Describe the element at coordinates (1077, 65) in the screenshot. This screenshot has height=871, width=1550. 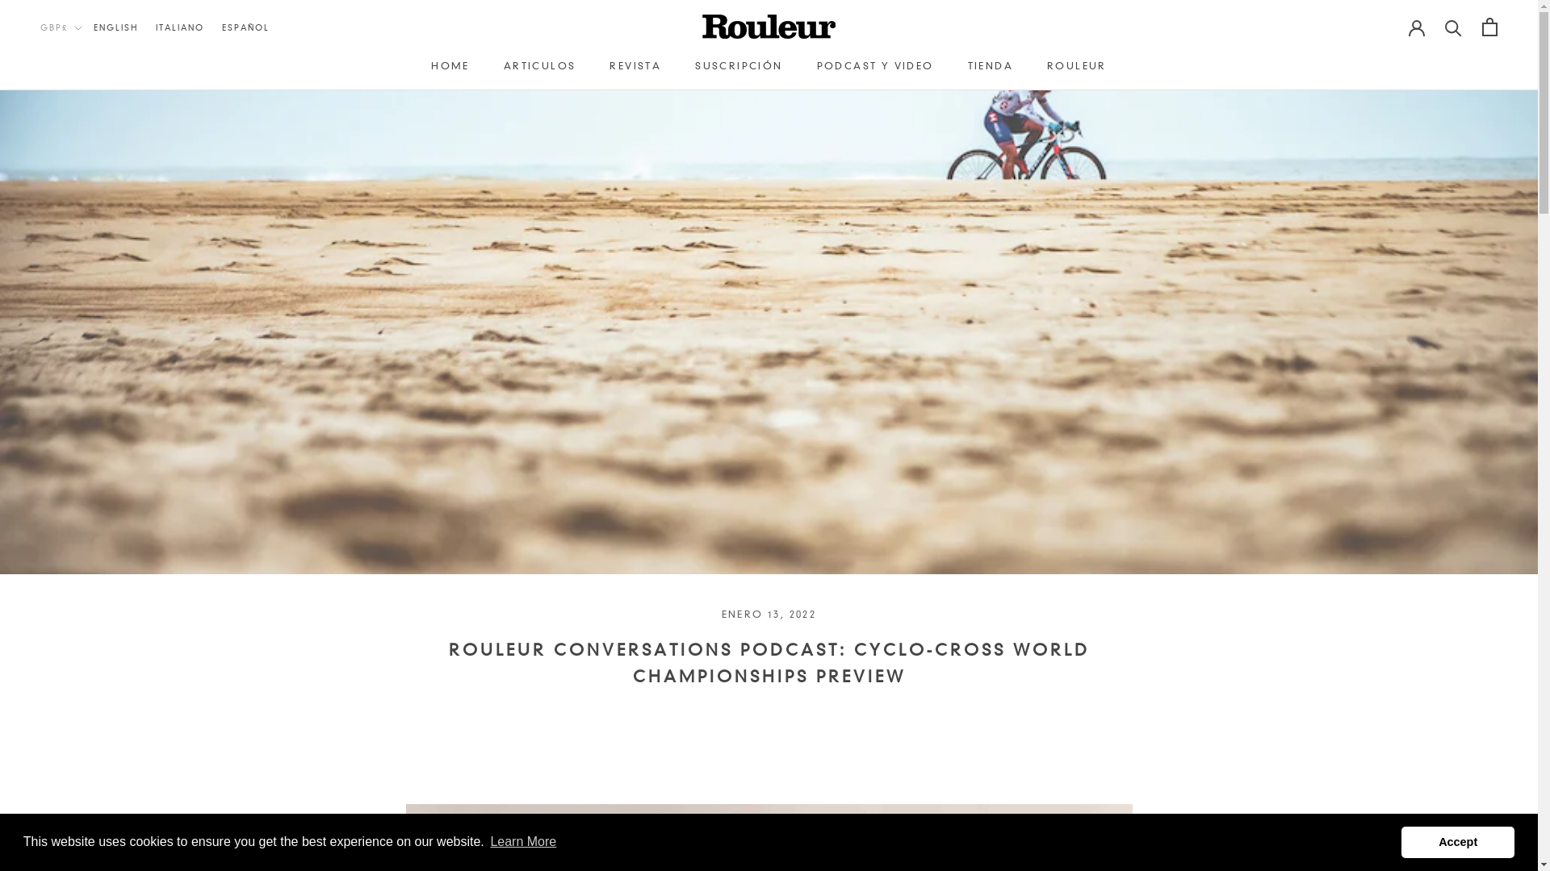
I see `'ROULEUR'` at that location.